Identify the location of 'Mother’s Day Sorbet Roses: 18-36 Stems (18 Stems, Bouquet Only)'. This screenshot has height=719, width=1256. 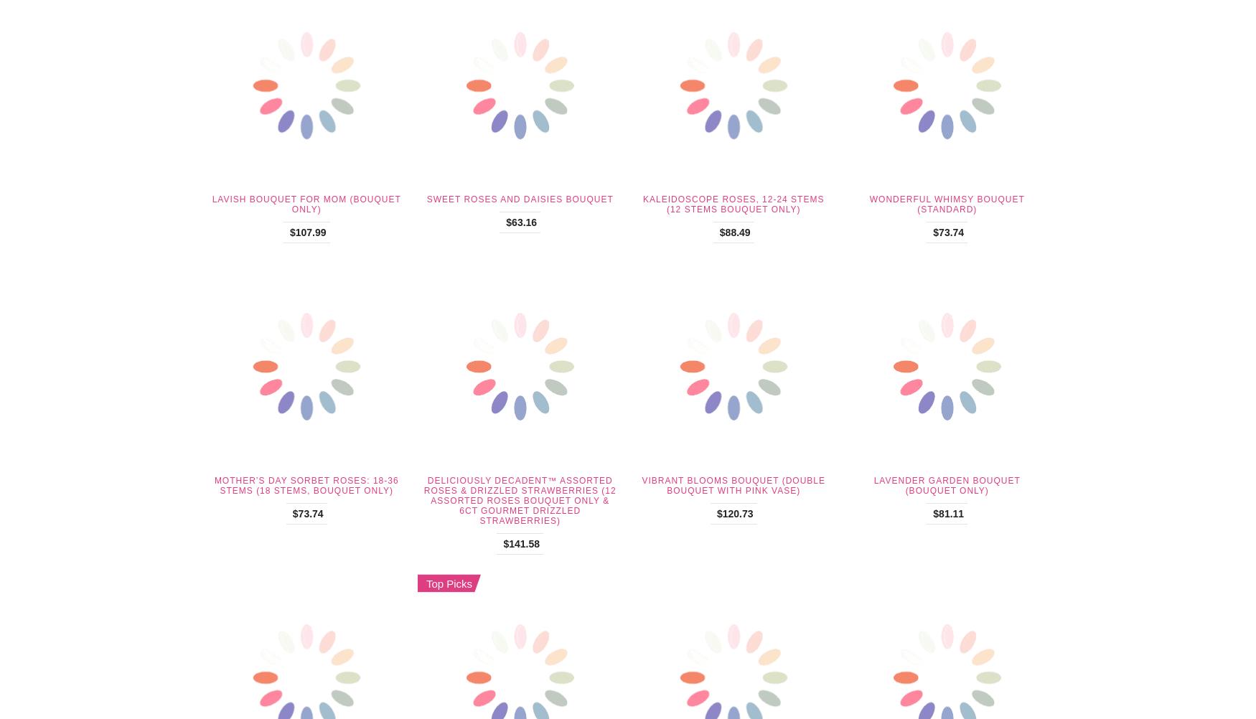
(305, 485).